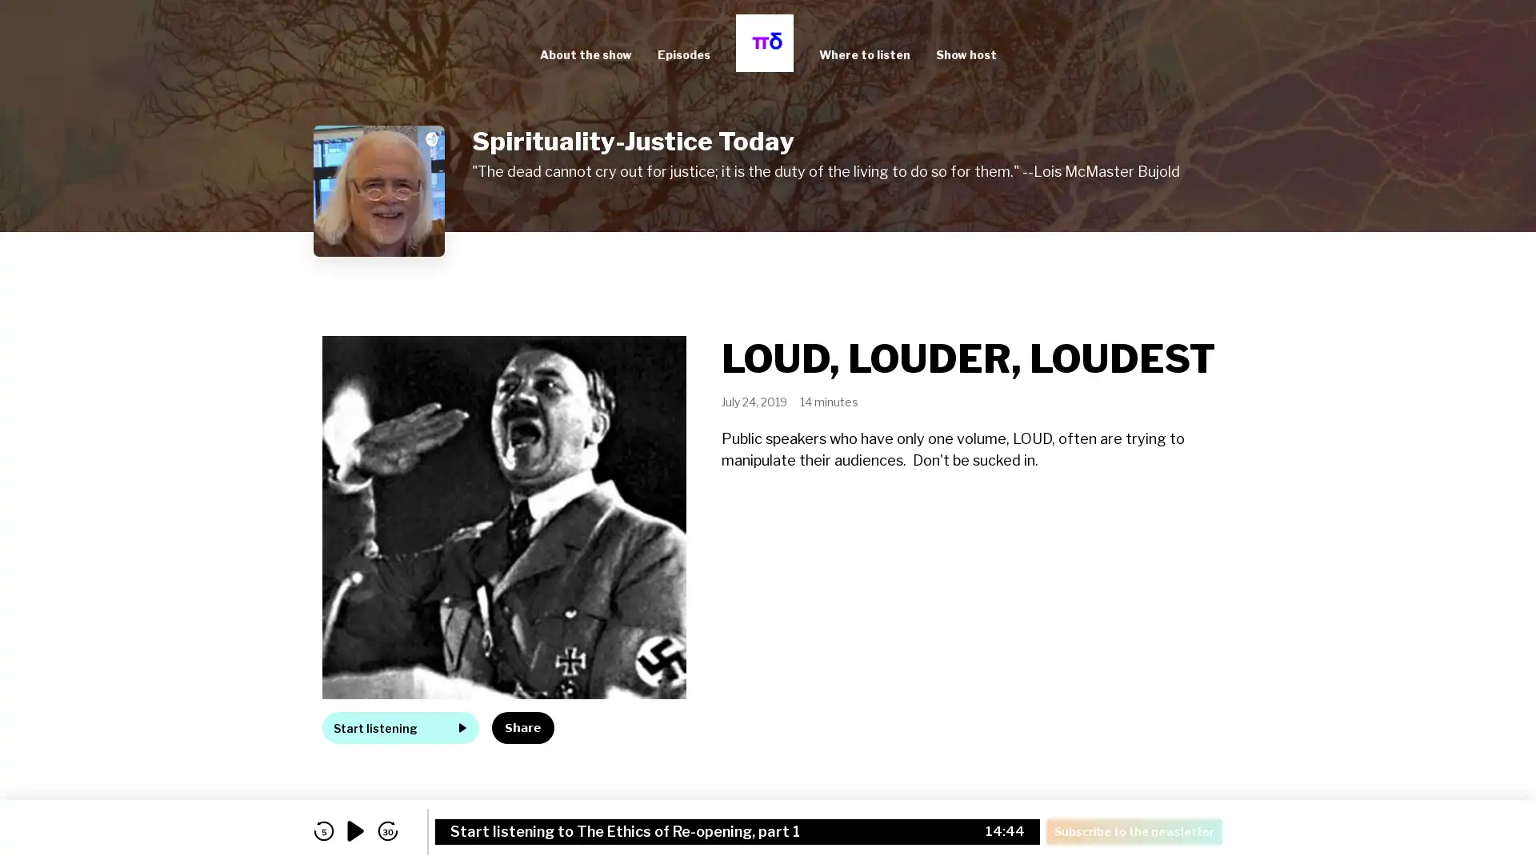  What do you see at coordinates (322, 830) in the screenshot?
I see `skip back 5 seconds` at bounding box center [322, 830].